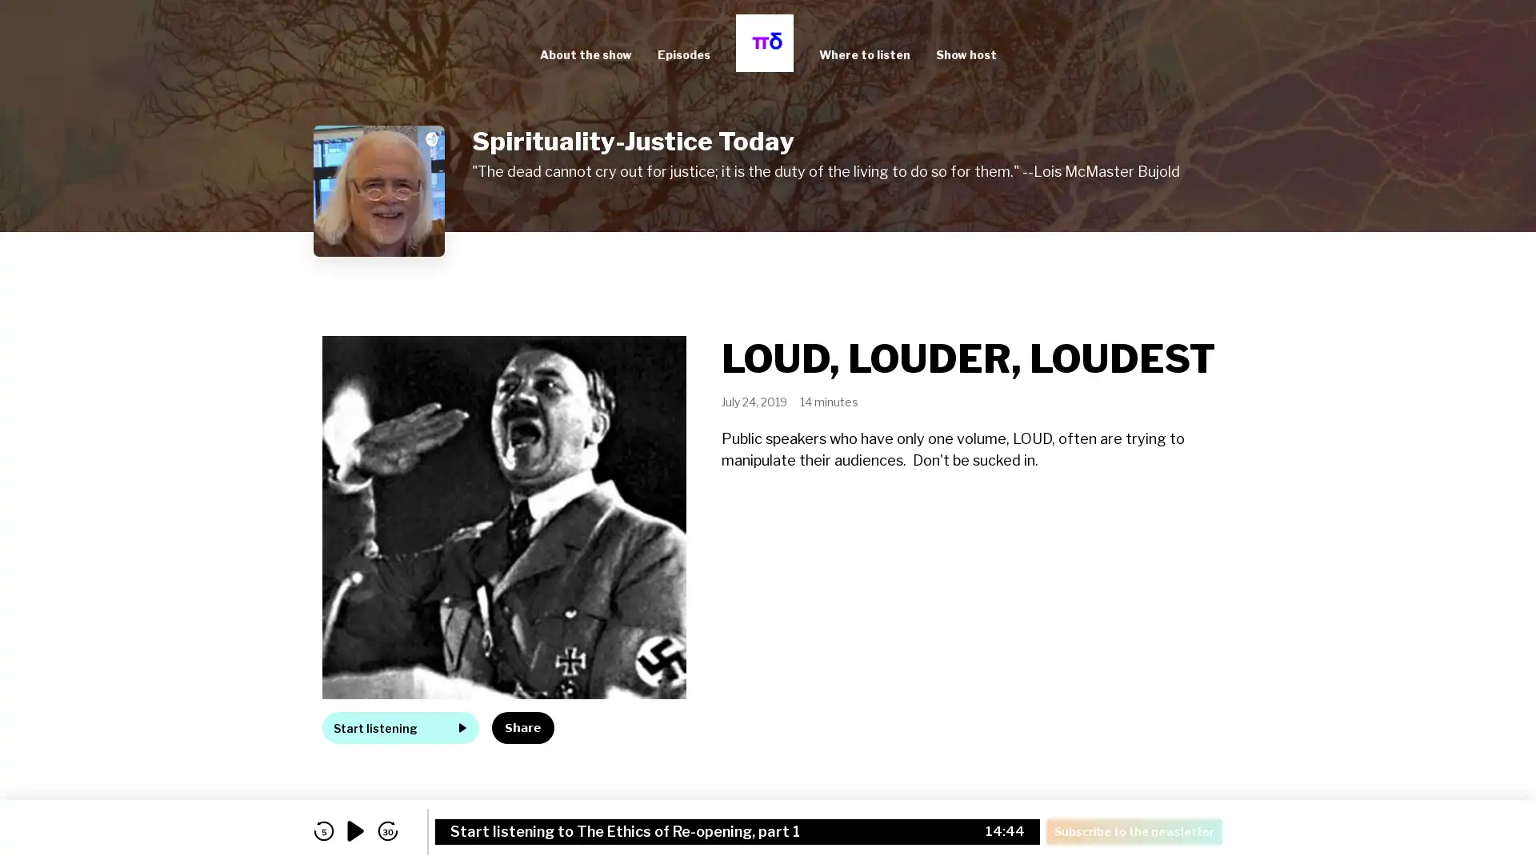  What do you see at coordinates (322, 830) in the screenshot?
I see `skip back 5 seconds` at bounding box center [322, 830].